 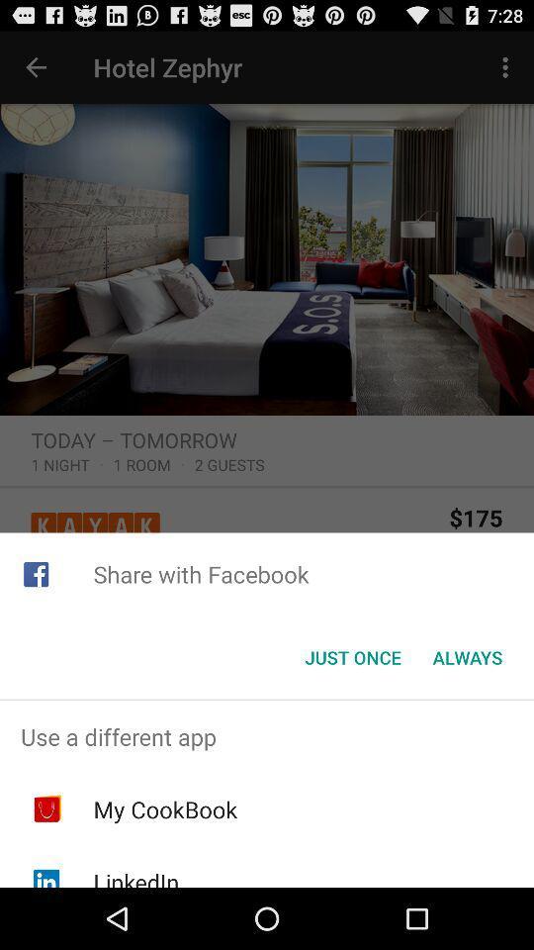 What do you see at coordinates (164, 809) in the screenshot?
I see `the icon above the linkedin` at bounding box center [164, 809].